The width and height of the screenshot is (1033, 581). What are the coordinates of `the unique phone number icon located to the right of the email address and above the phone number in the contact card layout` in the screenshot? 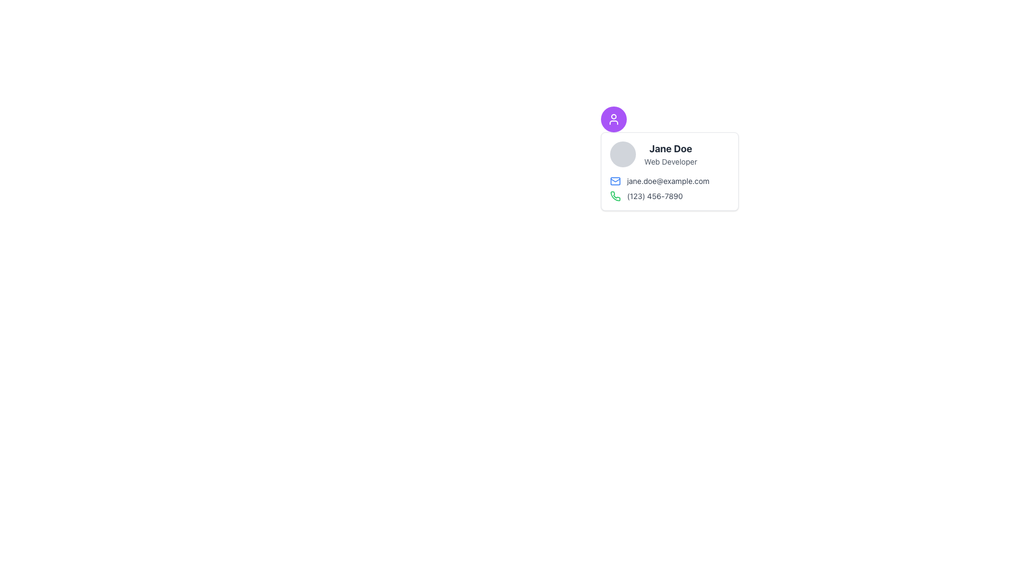 It's located at (615, 196).